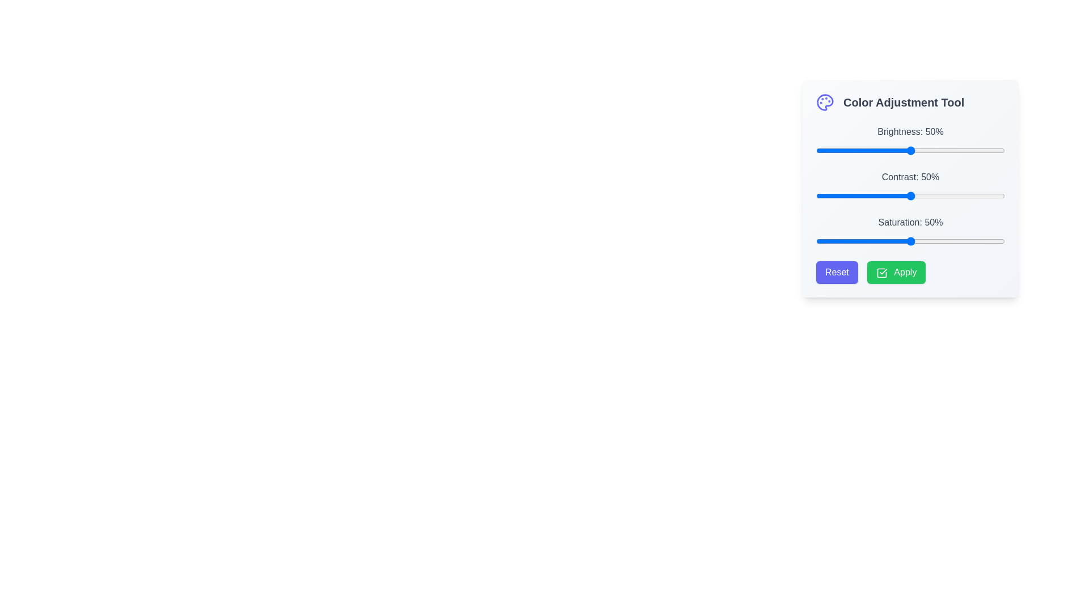  What do you see at coordinates (889, 195) in the screenshot?
I see `the contrast` at bounding box center [889, 195].